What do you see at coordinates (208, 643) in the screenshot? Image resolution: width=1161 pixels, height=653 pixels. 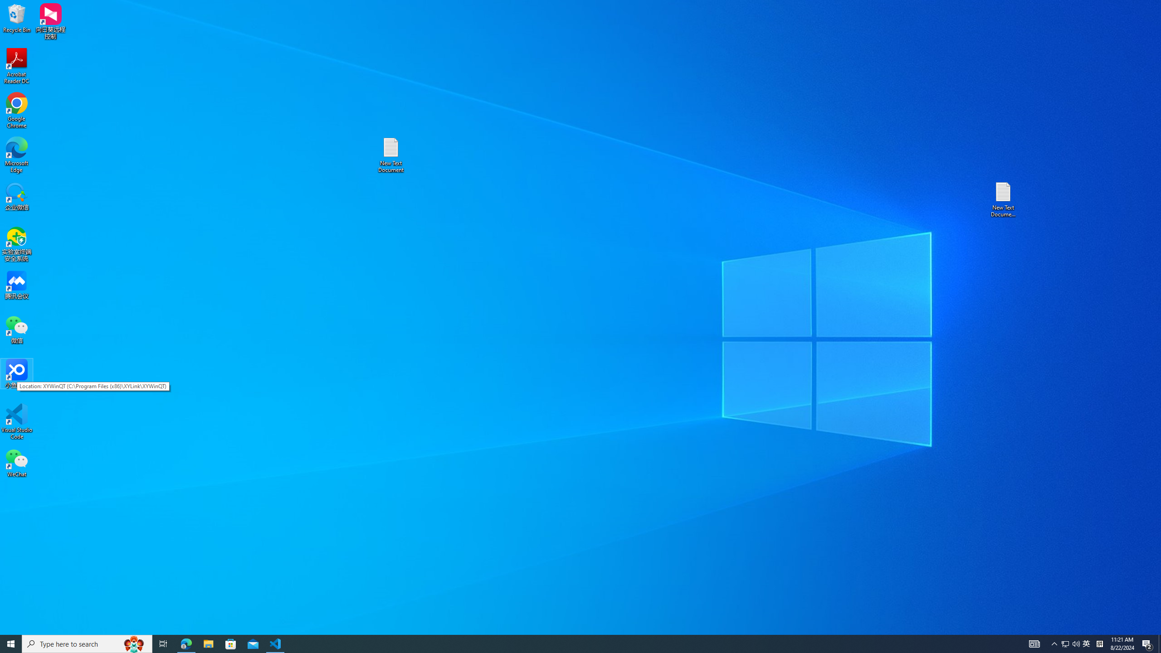 I see `'File Explorer'` at bounding box center [208, 643].